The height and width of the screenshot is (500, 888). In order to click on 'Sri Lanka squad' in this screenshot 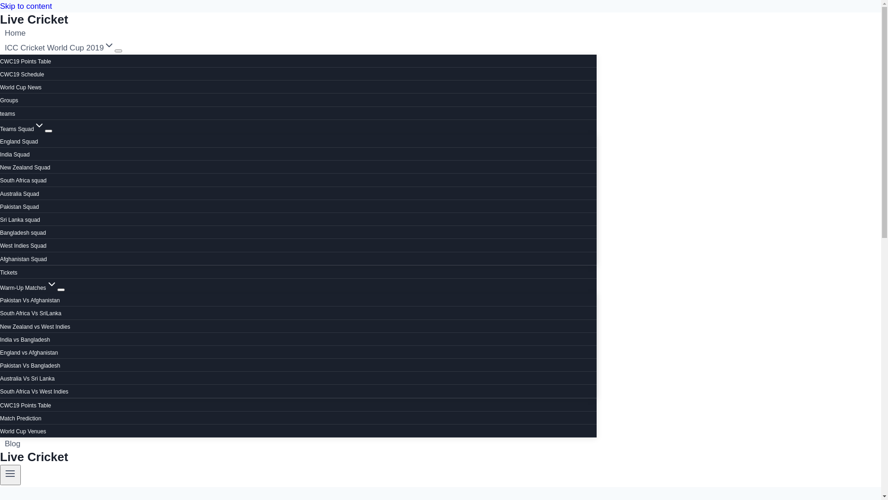, I will do `click(20, 219)`.